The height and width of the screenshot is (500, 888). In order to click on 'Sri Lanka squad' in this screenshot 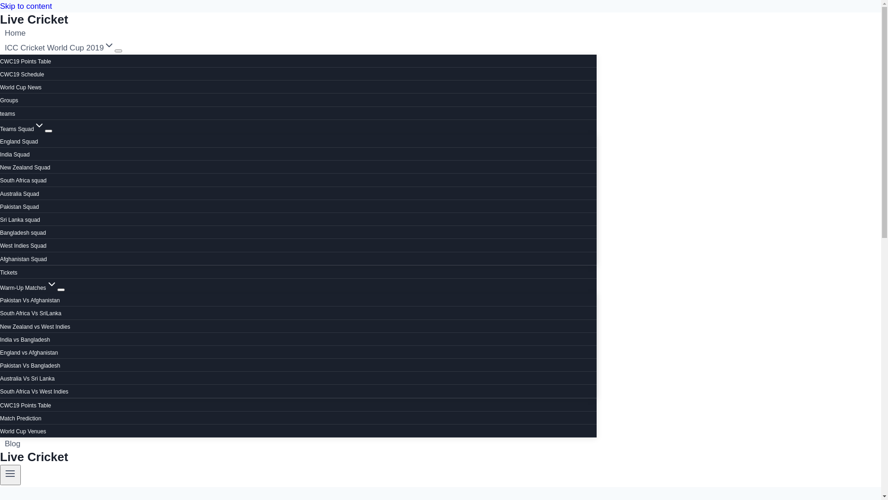, I will do `click(20, 219)`.